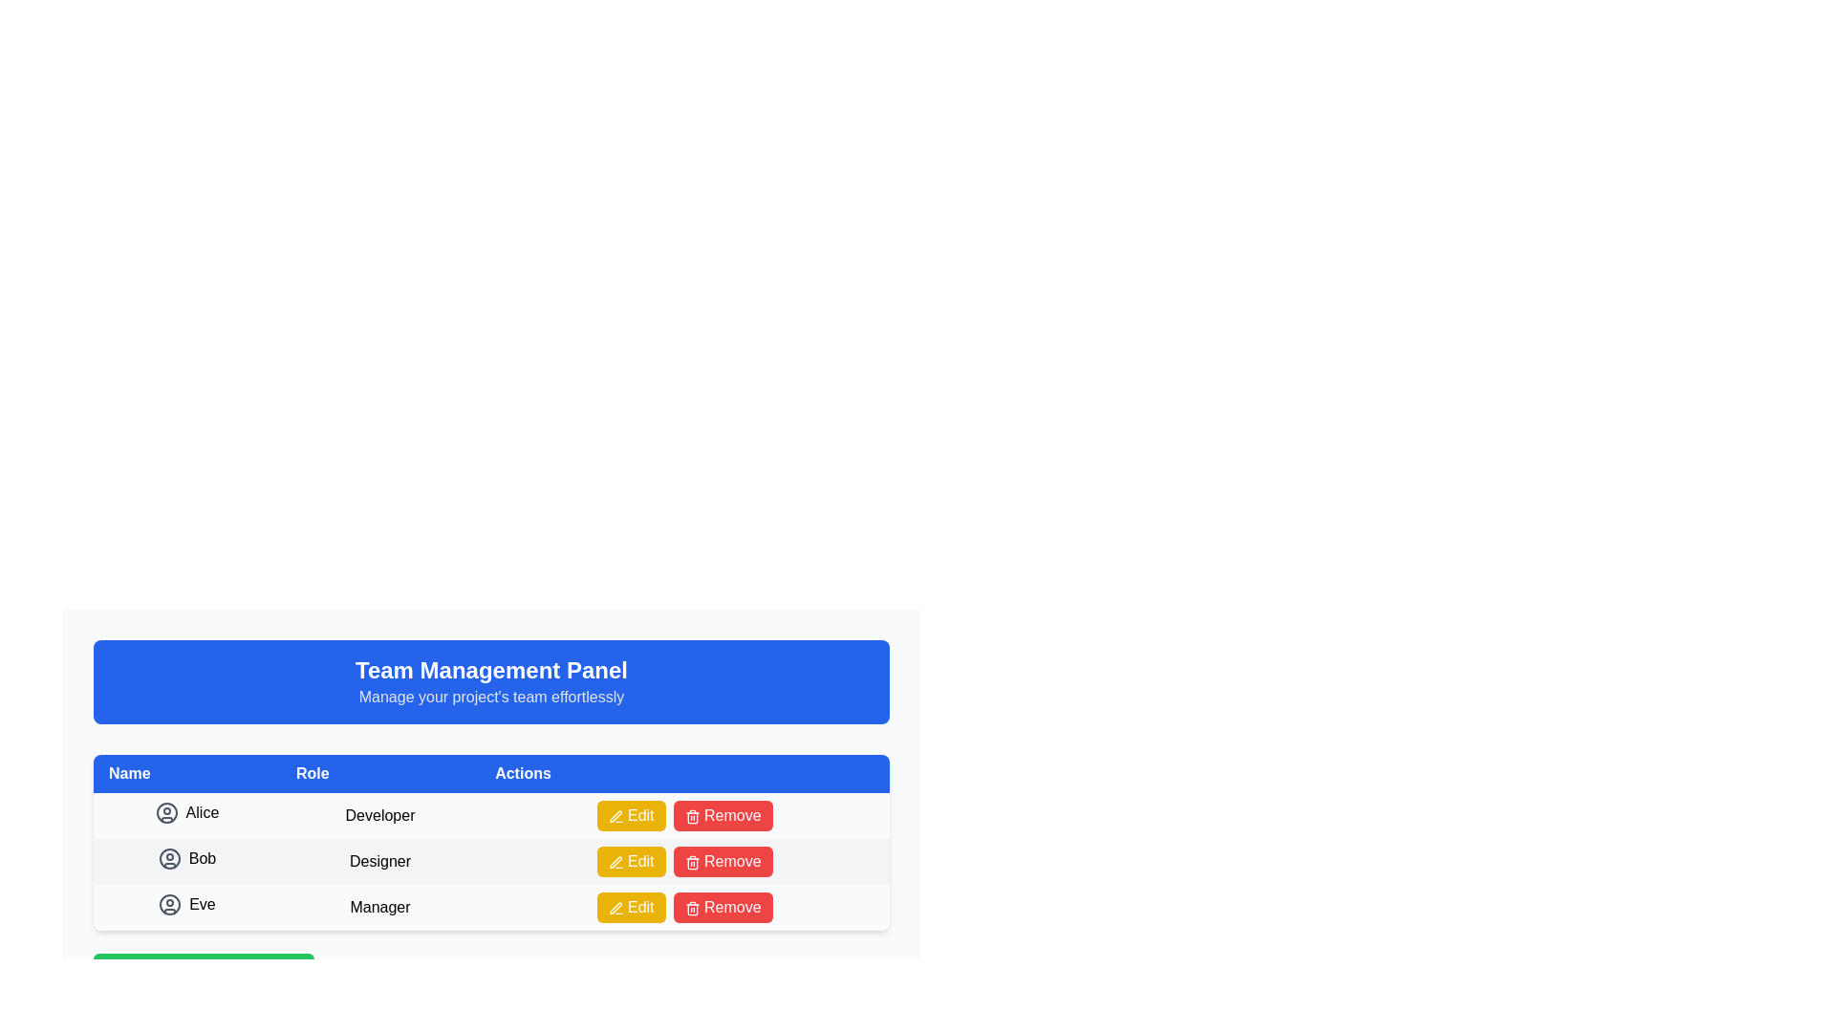 The image size is (1835, 1032). What do you see at coordinates (491, 670) in the screenshot?
I see `text from the bold heading that says 'Team Management Panel', which is visually prominent with a blue background` at bounding box center [491, 670].